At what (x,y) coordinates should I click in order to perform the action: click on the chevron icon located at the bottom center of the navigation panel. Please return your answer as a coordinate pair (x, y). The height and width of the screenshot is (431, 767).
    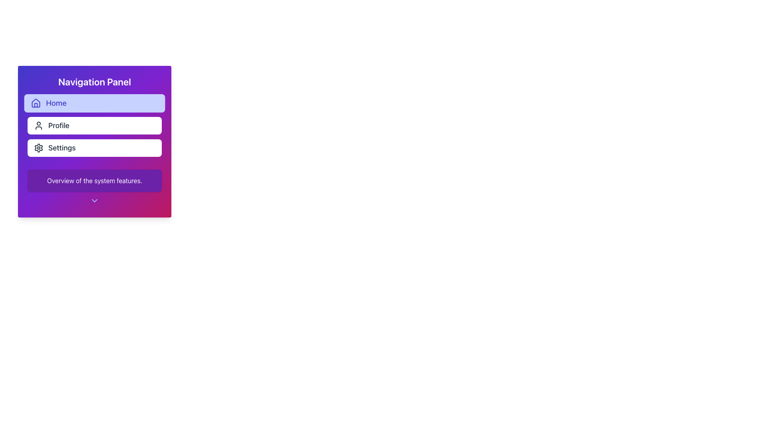
    Looking at the image, I should click on (94, 201).